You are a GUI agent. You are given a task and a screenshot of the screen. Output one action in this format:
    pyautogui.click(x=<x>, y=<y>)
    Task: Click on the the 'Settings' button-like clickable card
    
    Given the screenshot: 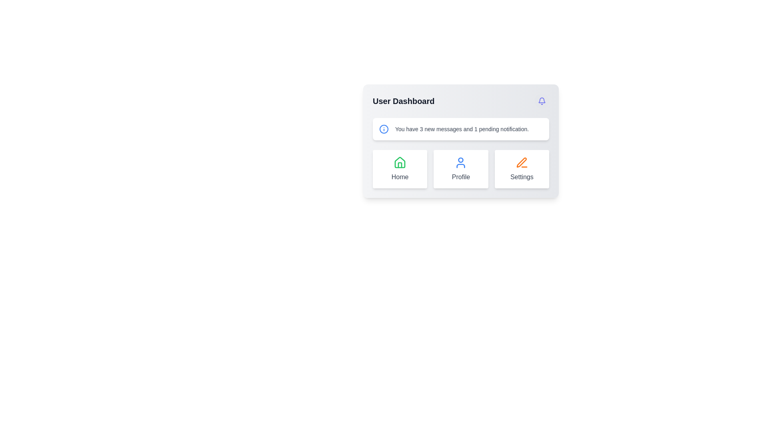 What is the action you would take?
    pyautogui.click(x=522, y=169)
    